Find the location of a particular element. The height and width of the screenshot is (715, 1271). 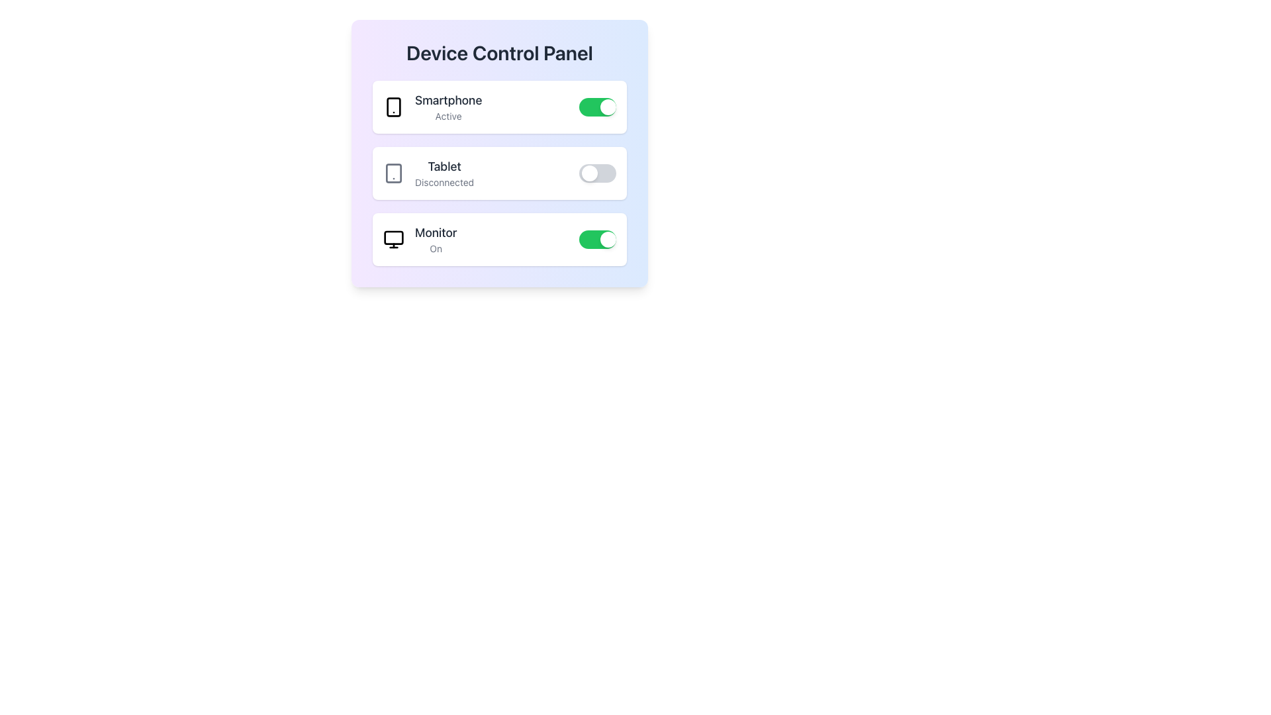

the toggle switch located on the right side of the 'Tablet Disconnected' row is located at coordinates (596, 173).